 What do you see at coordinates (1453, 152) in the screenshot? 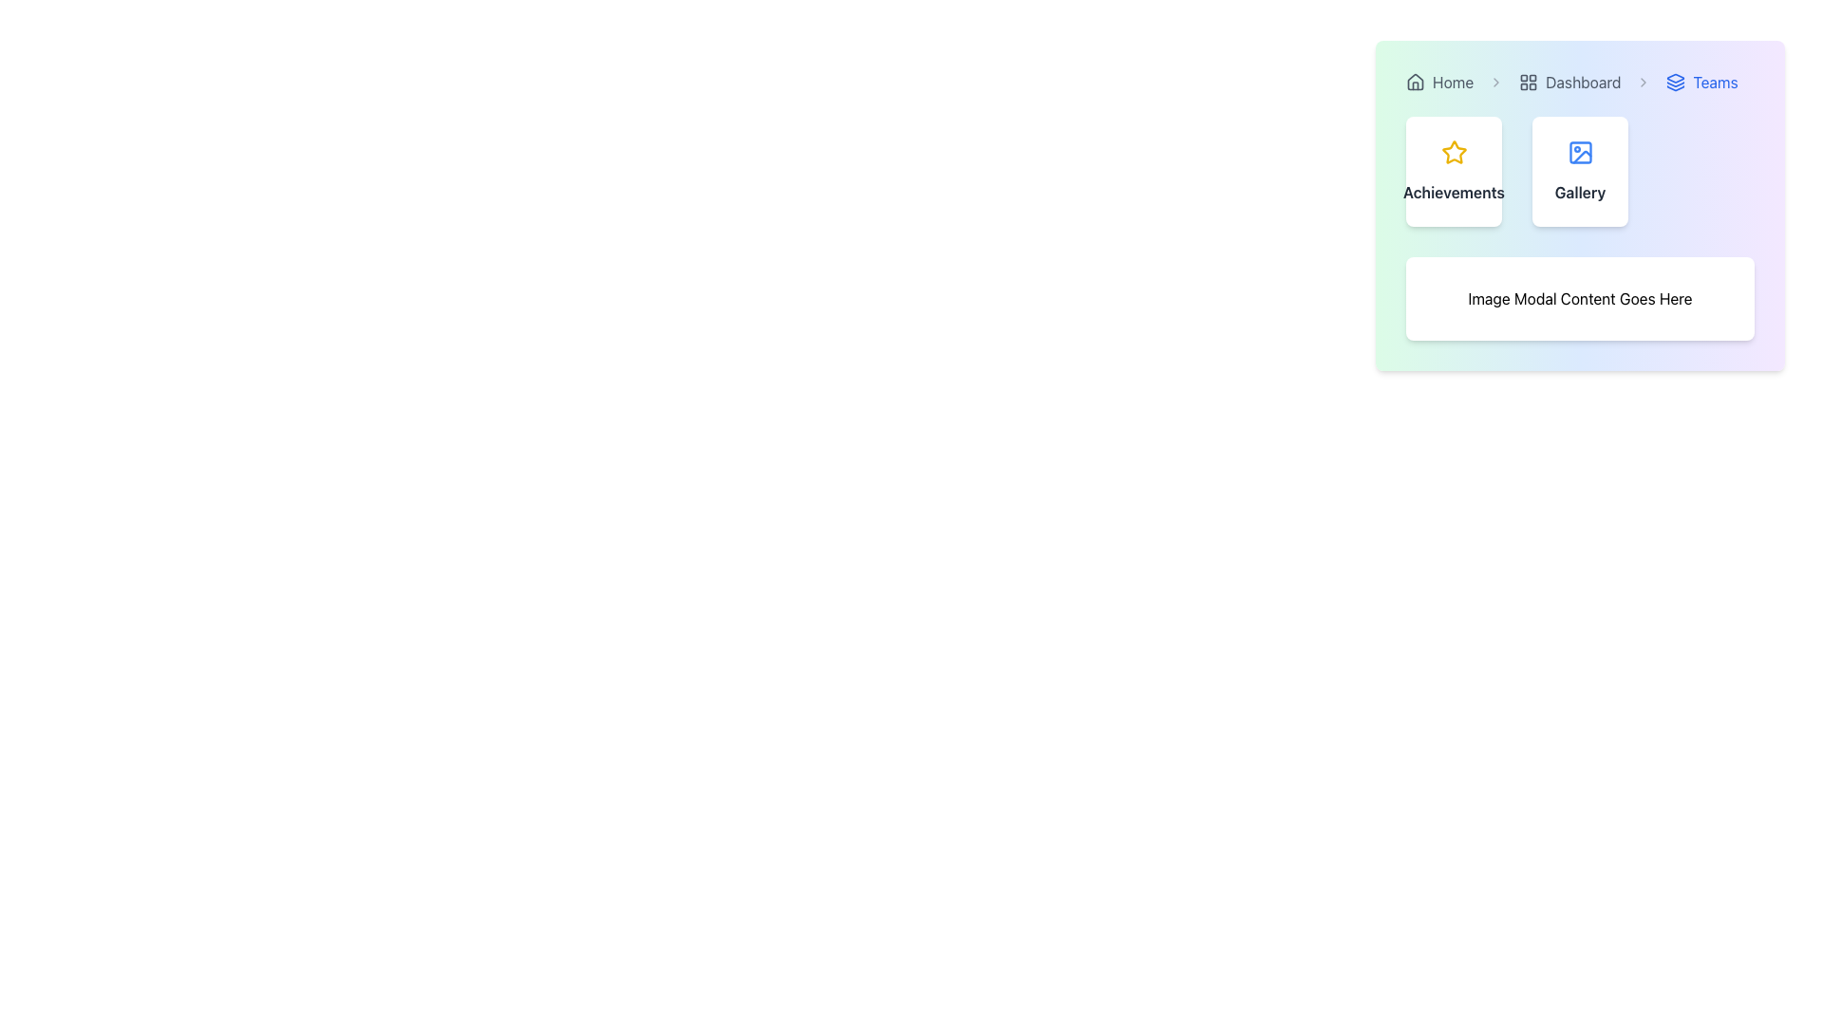
I see `the yellow star icon that is visually centered above the text label 'Achievements' in the upper-left area of the dashboard interface` at bounding box center [1453, 152].